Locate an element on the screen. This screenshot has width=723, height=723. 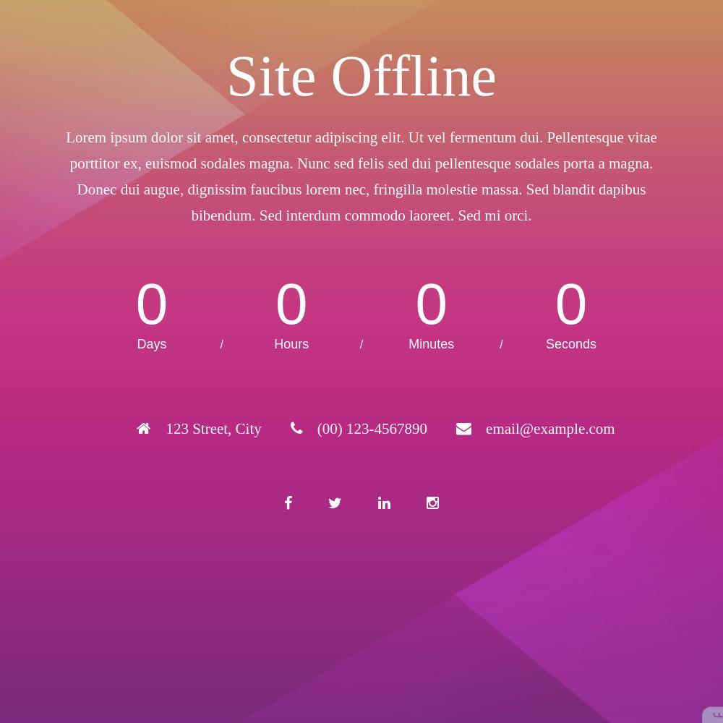
'Seconds' is located at coordinates (571, 343).